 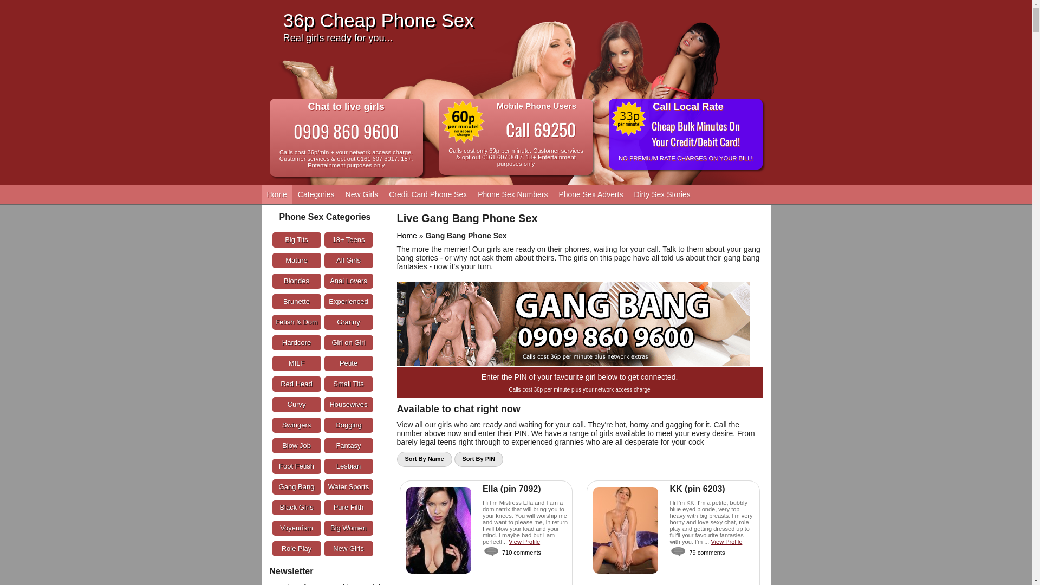 What do you see at coordinates (348, 528) in the screenshot?
I see `'Big Women'` at bounding box center [348, 528].